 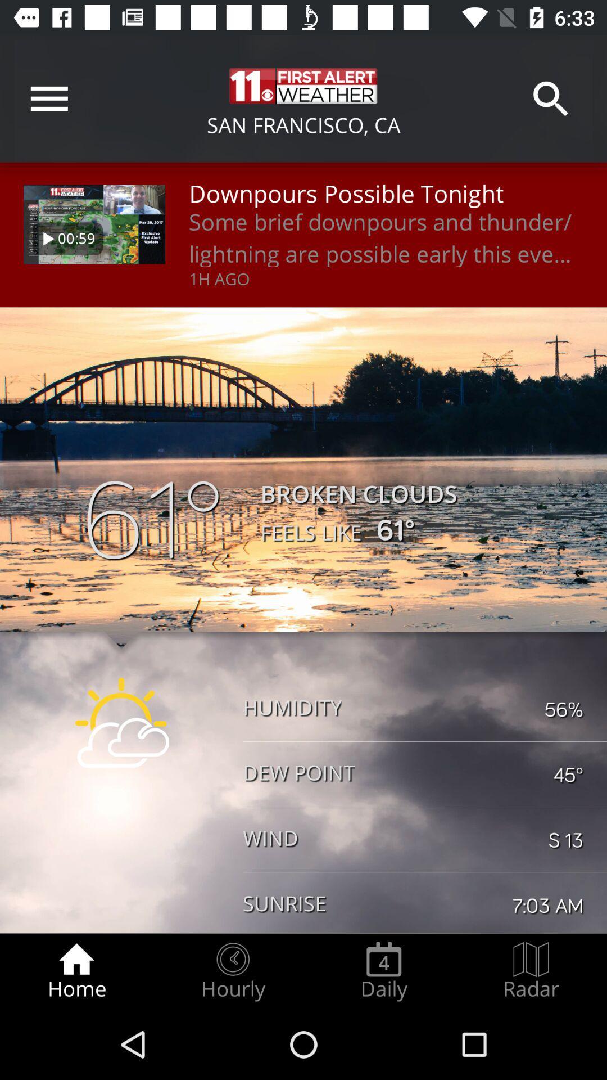 What do you see at coordinates (232, 971) in the screenshot?
I see `the hourly item` at bounding box center [232, 971].